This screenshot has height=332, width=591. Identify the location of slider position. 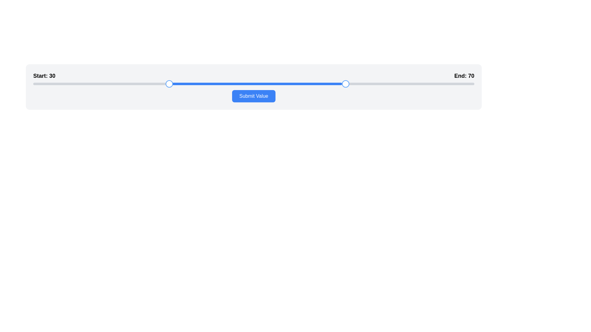
(211, 84).